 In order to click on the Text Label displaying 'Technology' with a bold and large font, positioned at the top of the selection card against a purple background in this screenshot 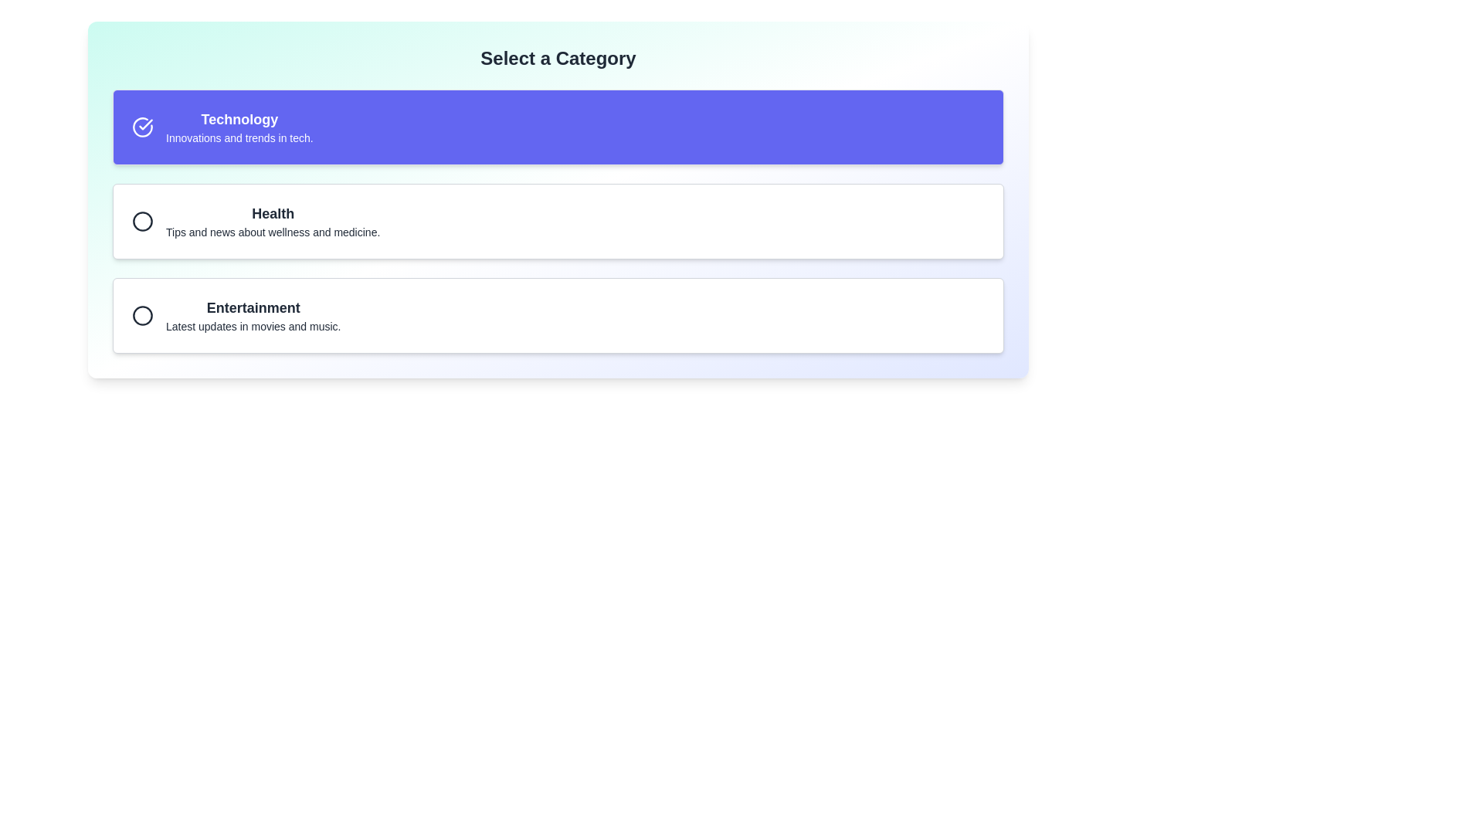, I will do `click(239, 118)`.